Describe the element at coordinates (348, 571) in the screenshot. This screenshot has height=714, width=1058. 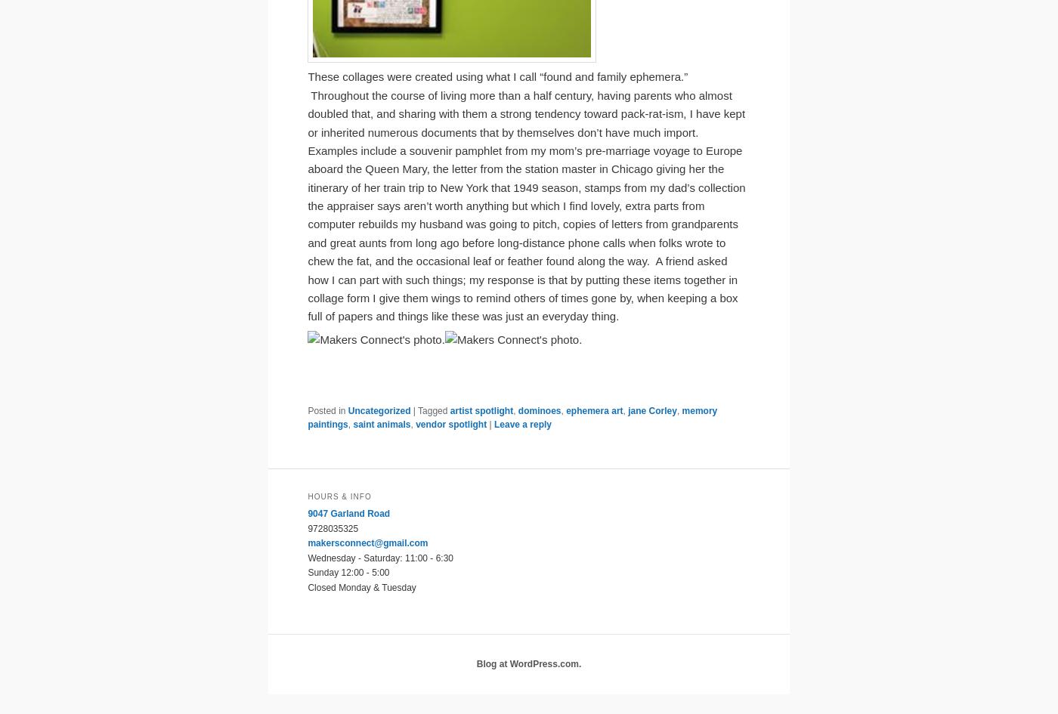
I see `'Sunday 12:00 - 5:00'` at that location.